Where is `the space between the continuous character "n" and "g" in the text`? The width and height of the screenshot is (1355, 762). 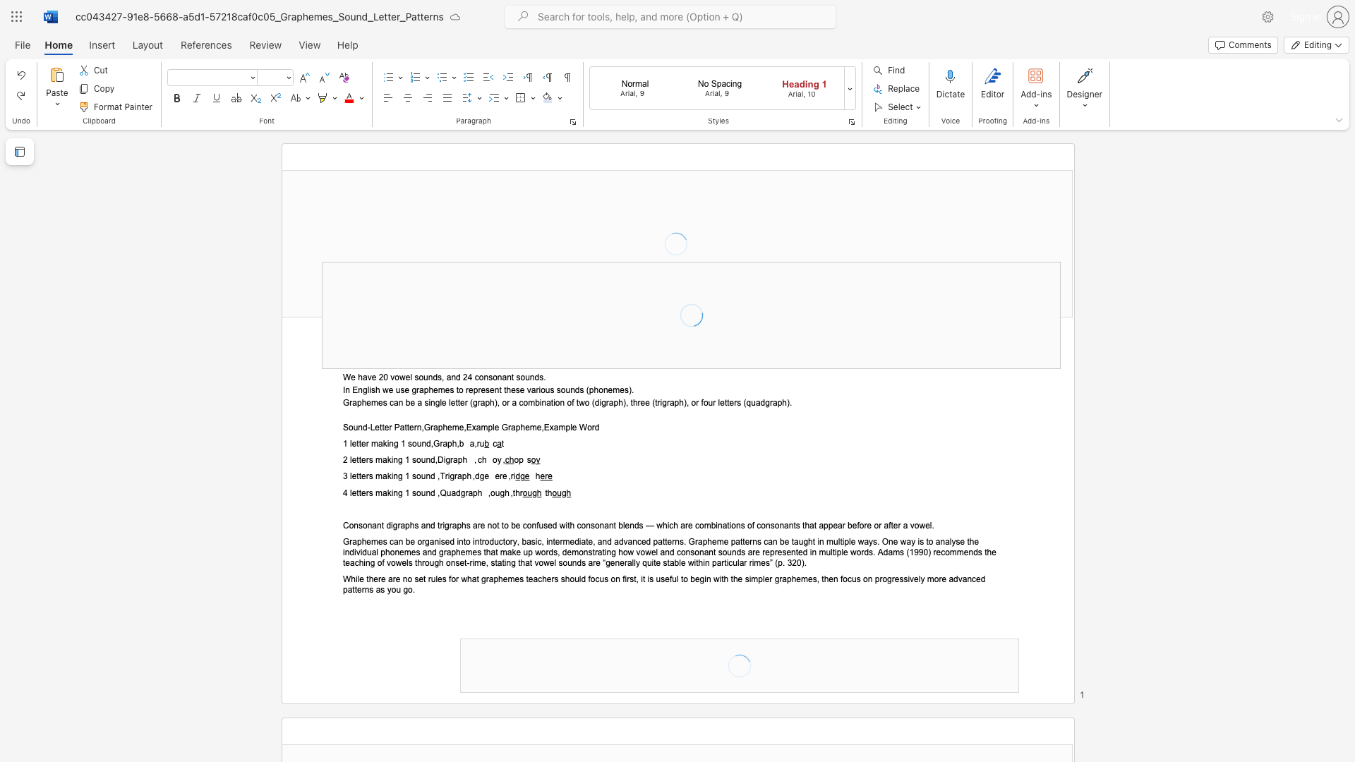 the space between the continuous character "n" and "g" in the text is located at coordinates (393, 443).